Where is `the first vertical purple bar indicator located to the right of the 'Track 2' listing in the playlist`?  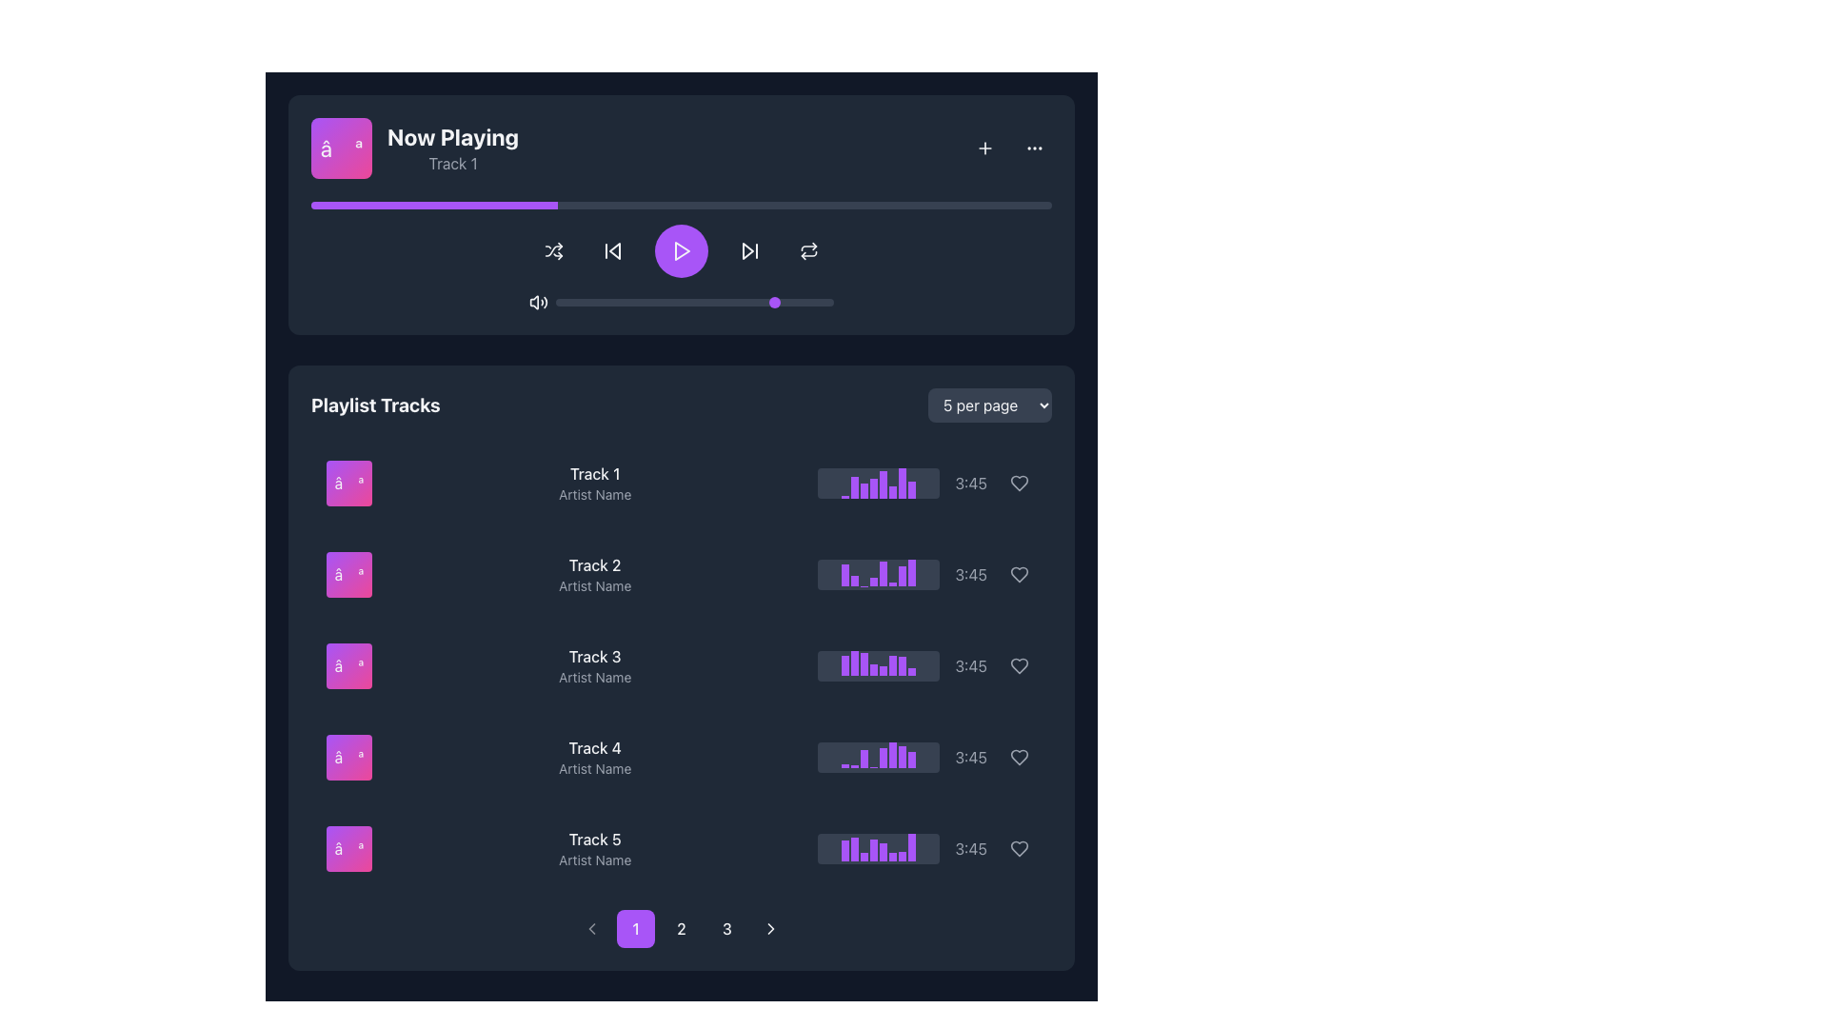
the first vertical purple bar indicator located to the right of the 'Track 2' listing in the playlist is located at coordinates (844, 574).